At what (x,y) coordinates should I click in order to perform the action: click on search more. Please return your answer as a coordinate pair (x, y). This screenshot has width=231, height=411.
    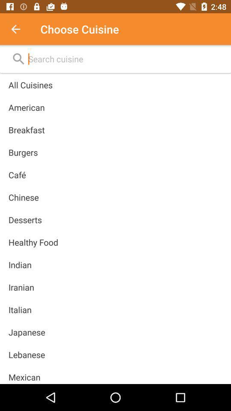
    Looking at the image, I should click on (124, 58).